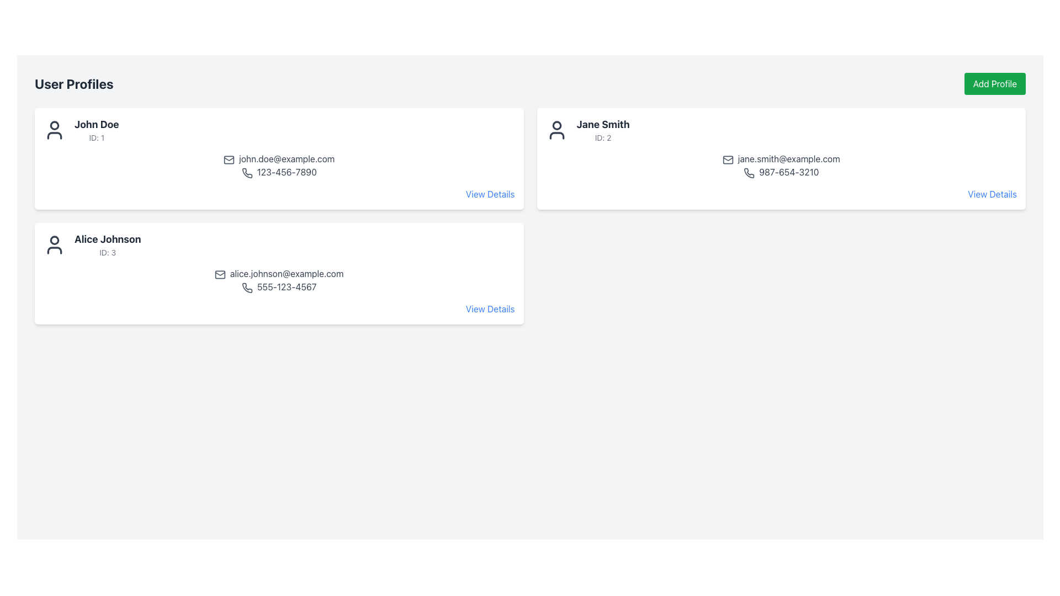  What do you see at coordinates (279, 286) in the screenshot?
I see `the static text element displaying Alice Johnson's phone number, located` at bounding box center [279, 286].